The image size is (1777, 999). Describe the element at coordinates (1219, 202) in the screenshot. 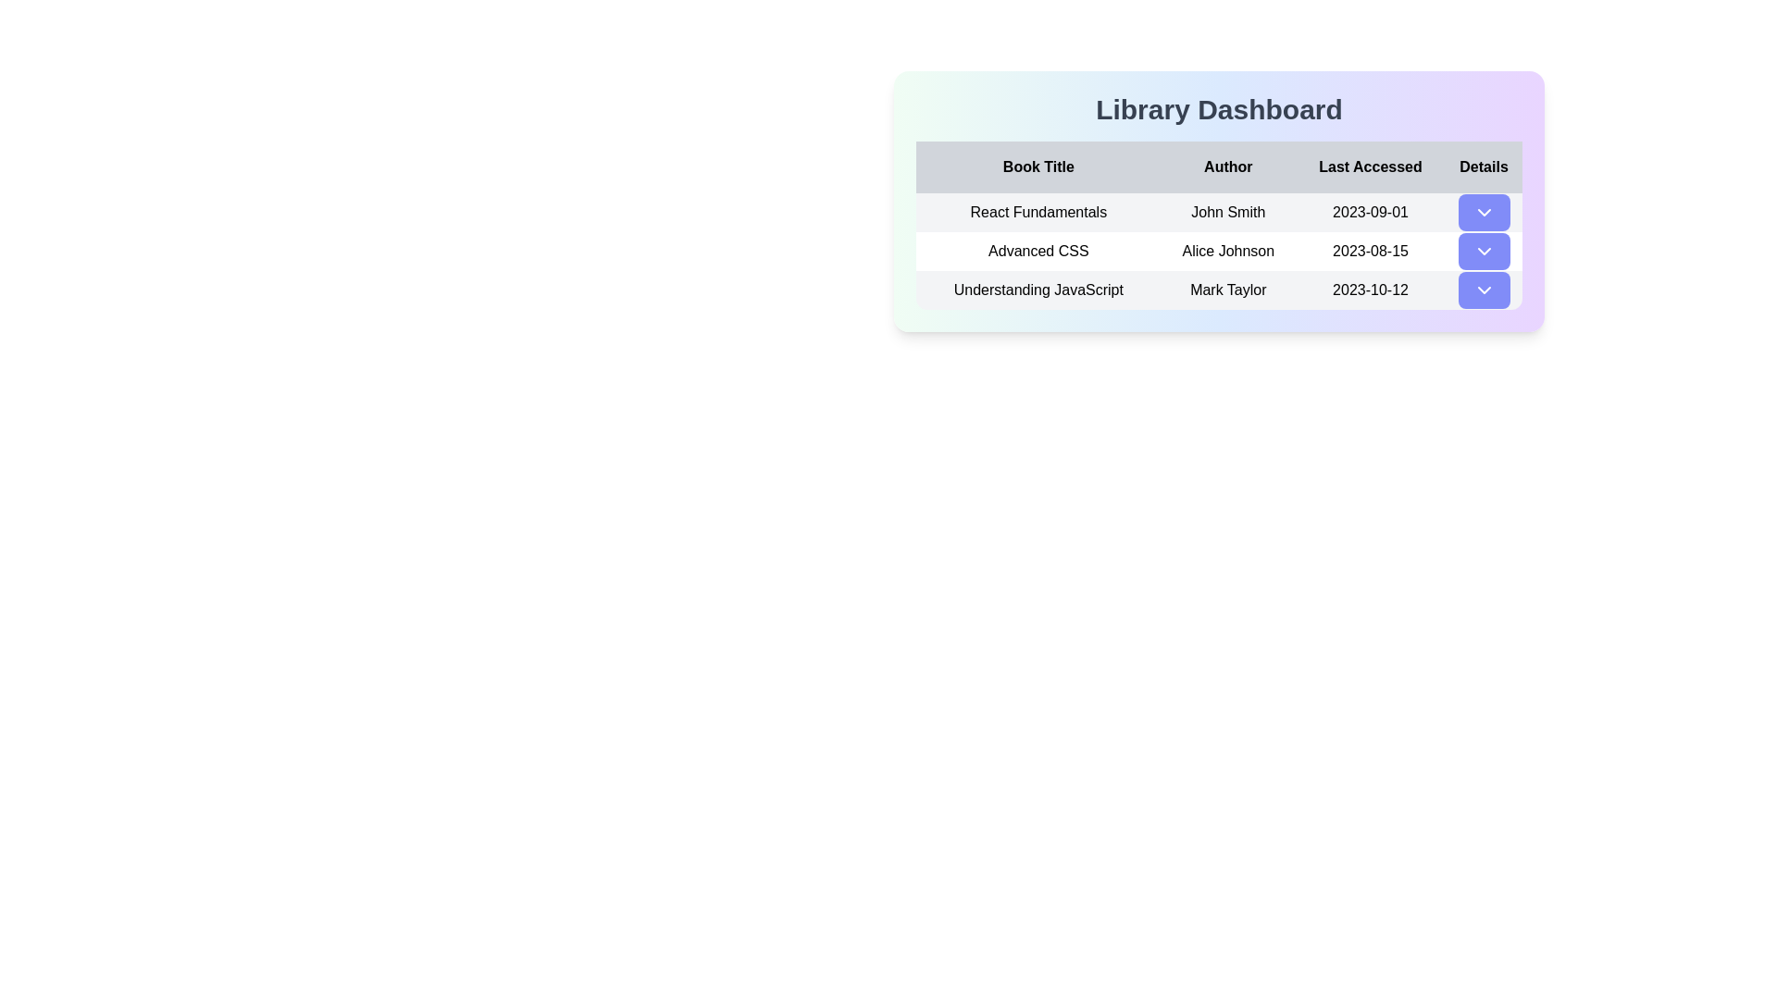

I see `the author name 'John Smith' in the Data table that lists books, specifically in the row for 'React Fundamentals'` at that location.